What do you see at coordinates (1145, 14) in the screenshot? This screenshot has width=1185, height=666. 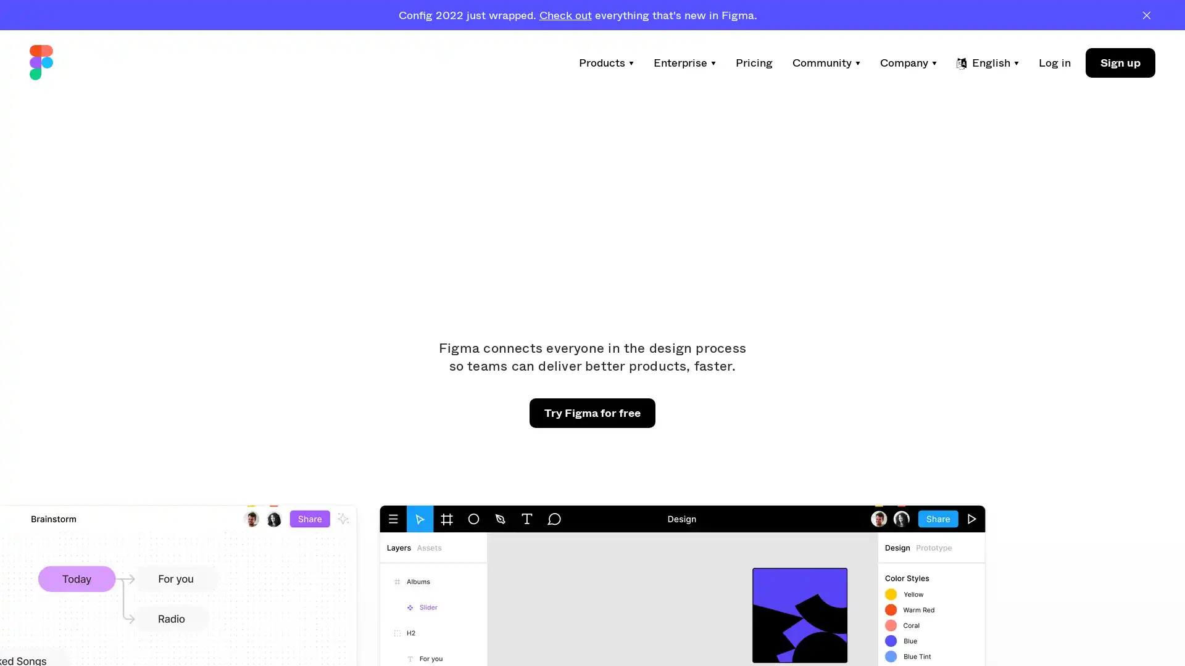 I see `Dismiss` at bounding box center [1145, 14].